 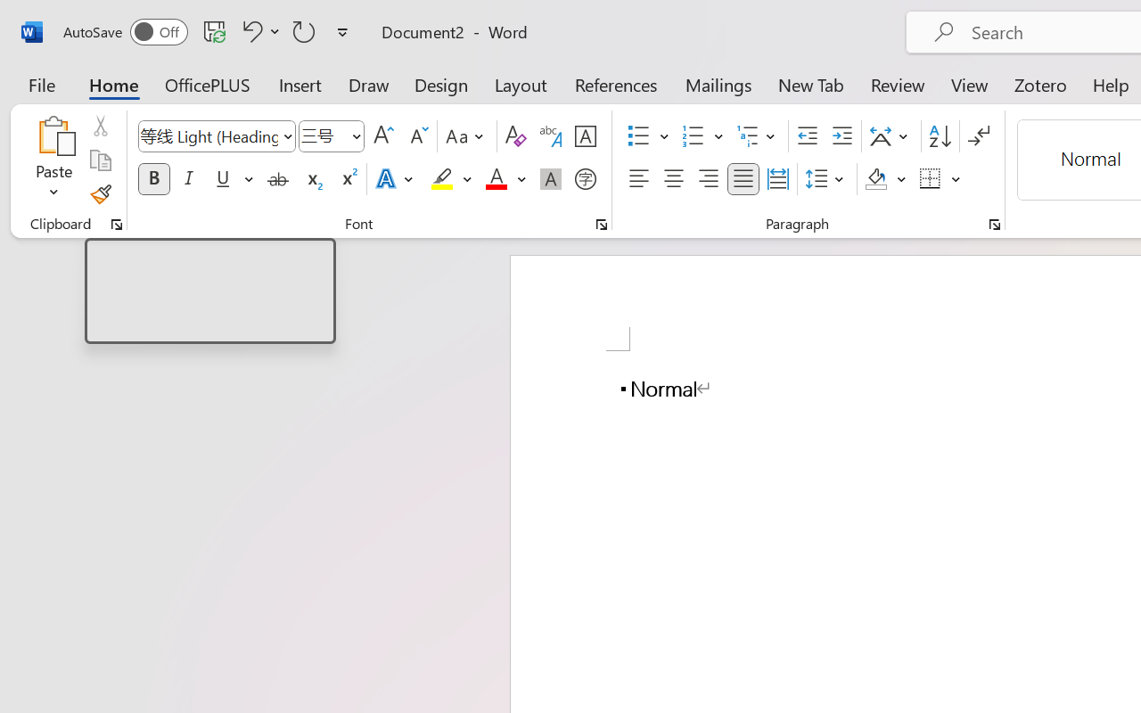 I want to click on 'Borders', so click(x=930, y=179).